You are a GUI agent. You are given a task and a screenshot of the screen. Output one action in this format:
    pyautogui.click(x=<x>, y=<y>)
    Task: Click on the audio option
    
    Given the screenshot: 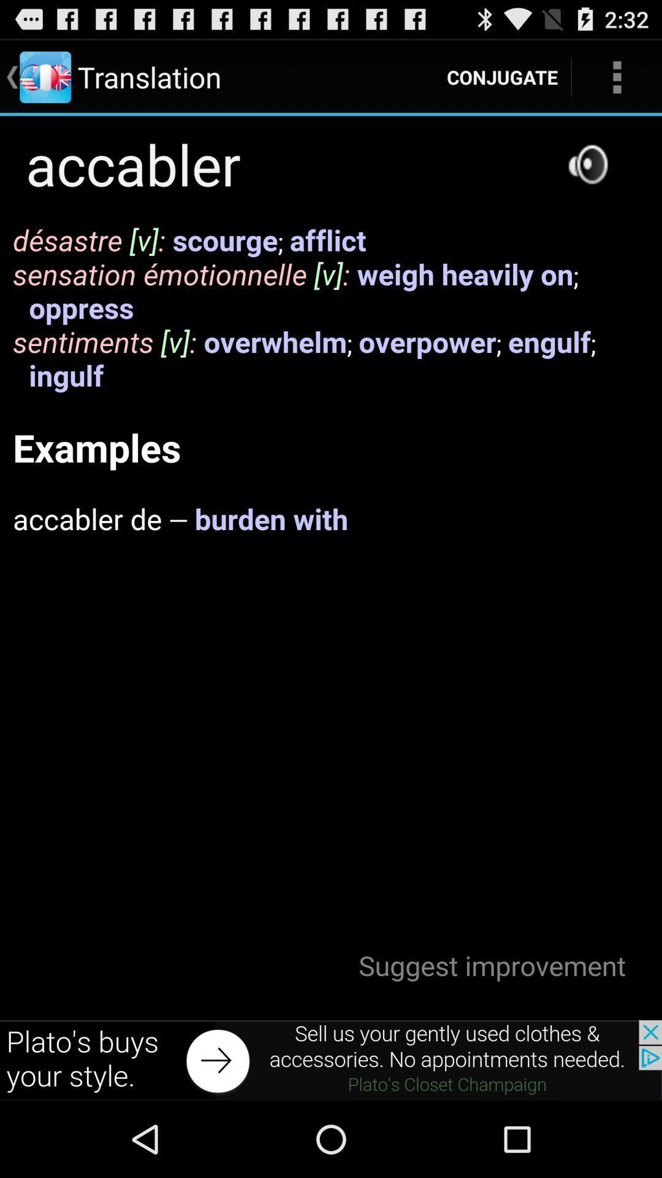 What is the action you would take?
    pyautogui.click(x=587, y=163)
    